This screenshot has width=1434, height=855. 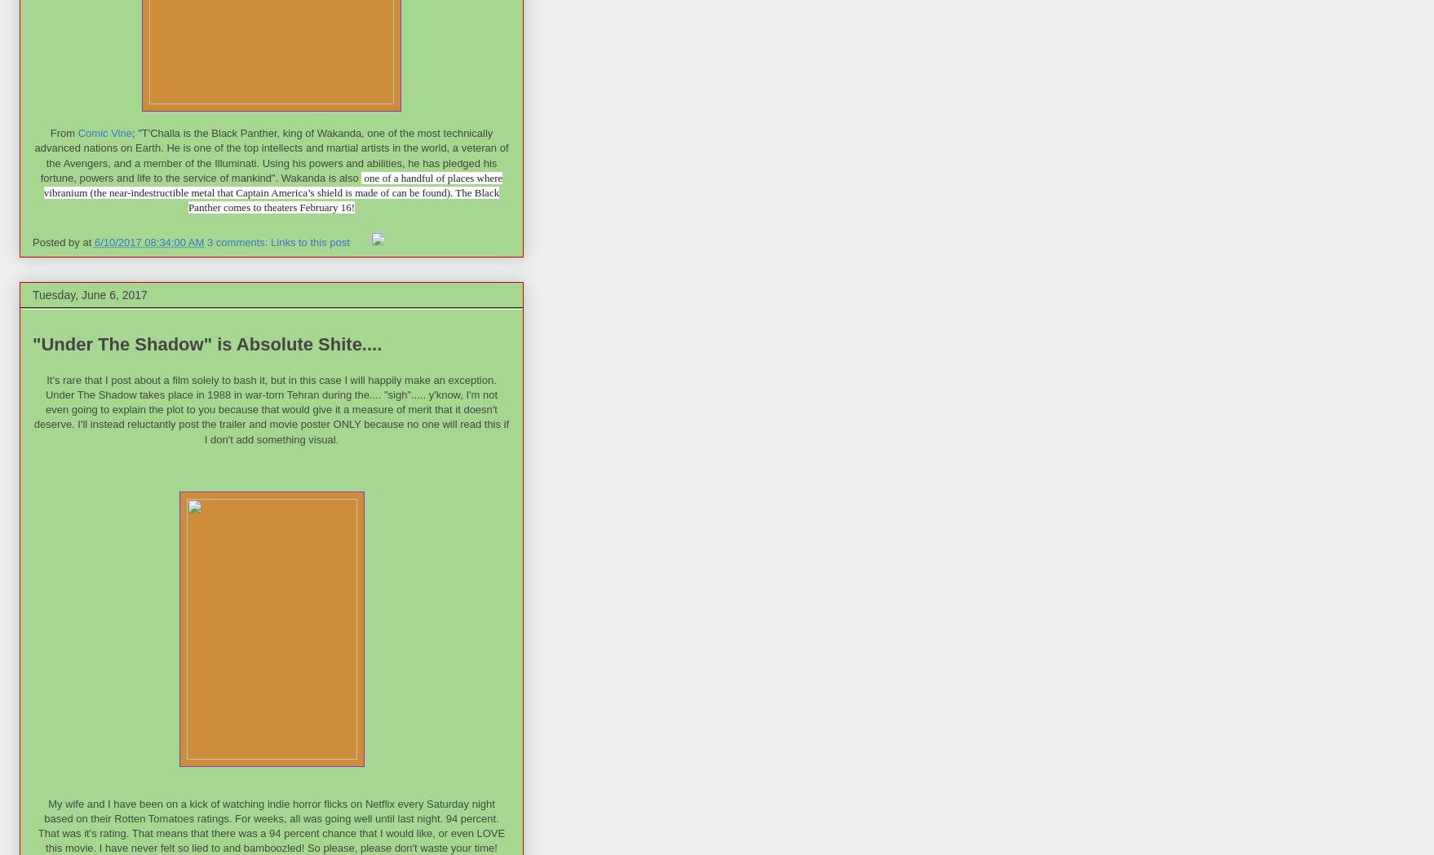 What do you see at coordinates (271, 408) in the screenshot?
I see `'It's rare that I post about a film solely to bash it, but in this case I will happily make an exception. Under The Shadow takes place in 1988 in war-torn Tehran during the.... "sigh"..... y'know, I'm not even going to explain the plot to you because that would give it a measure of merit that it doesn't deserve. I'll instead reluctantly post the trailer and movie poster ONLY because no one will read this if I don't add something visual.'` at bounding box center [271, 408].